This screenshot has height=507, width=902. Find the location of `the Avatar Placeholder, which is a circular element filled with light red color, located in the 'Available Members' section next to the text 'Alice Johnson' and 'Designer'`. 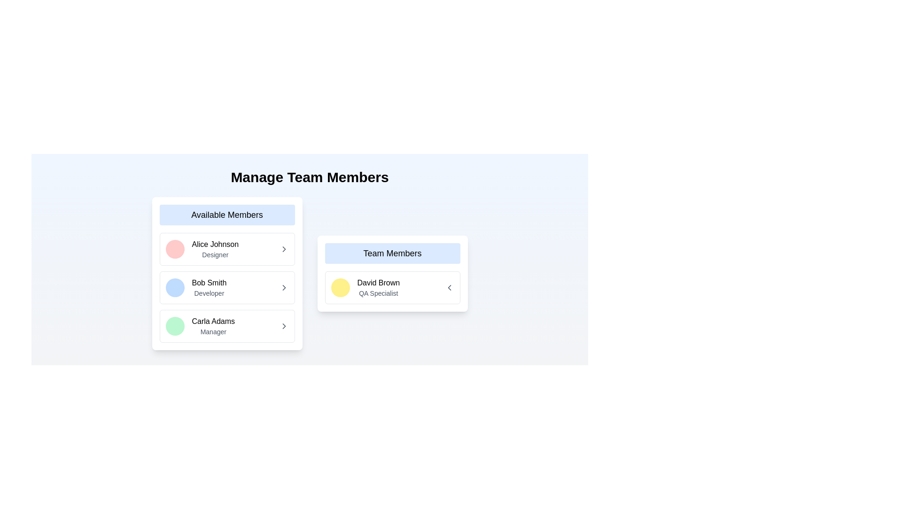

the Avatar Placeholder, which is a circular element filled with light red color, located in the 'Available Members' section next to the text 'Alice Johnson' and 'Designer' is located at coordinates (175, 249).